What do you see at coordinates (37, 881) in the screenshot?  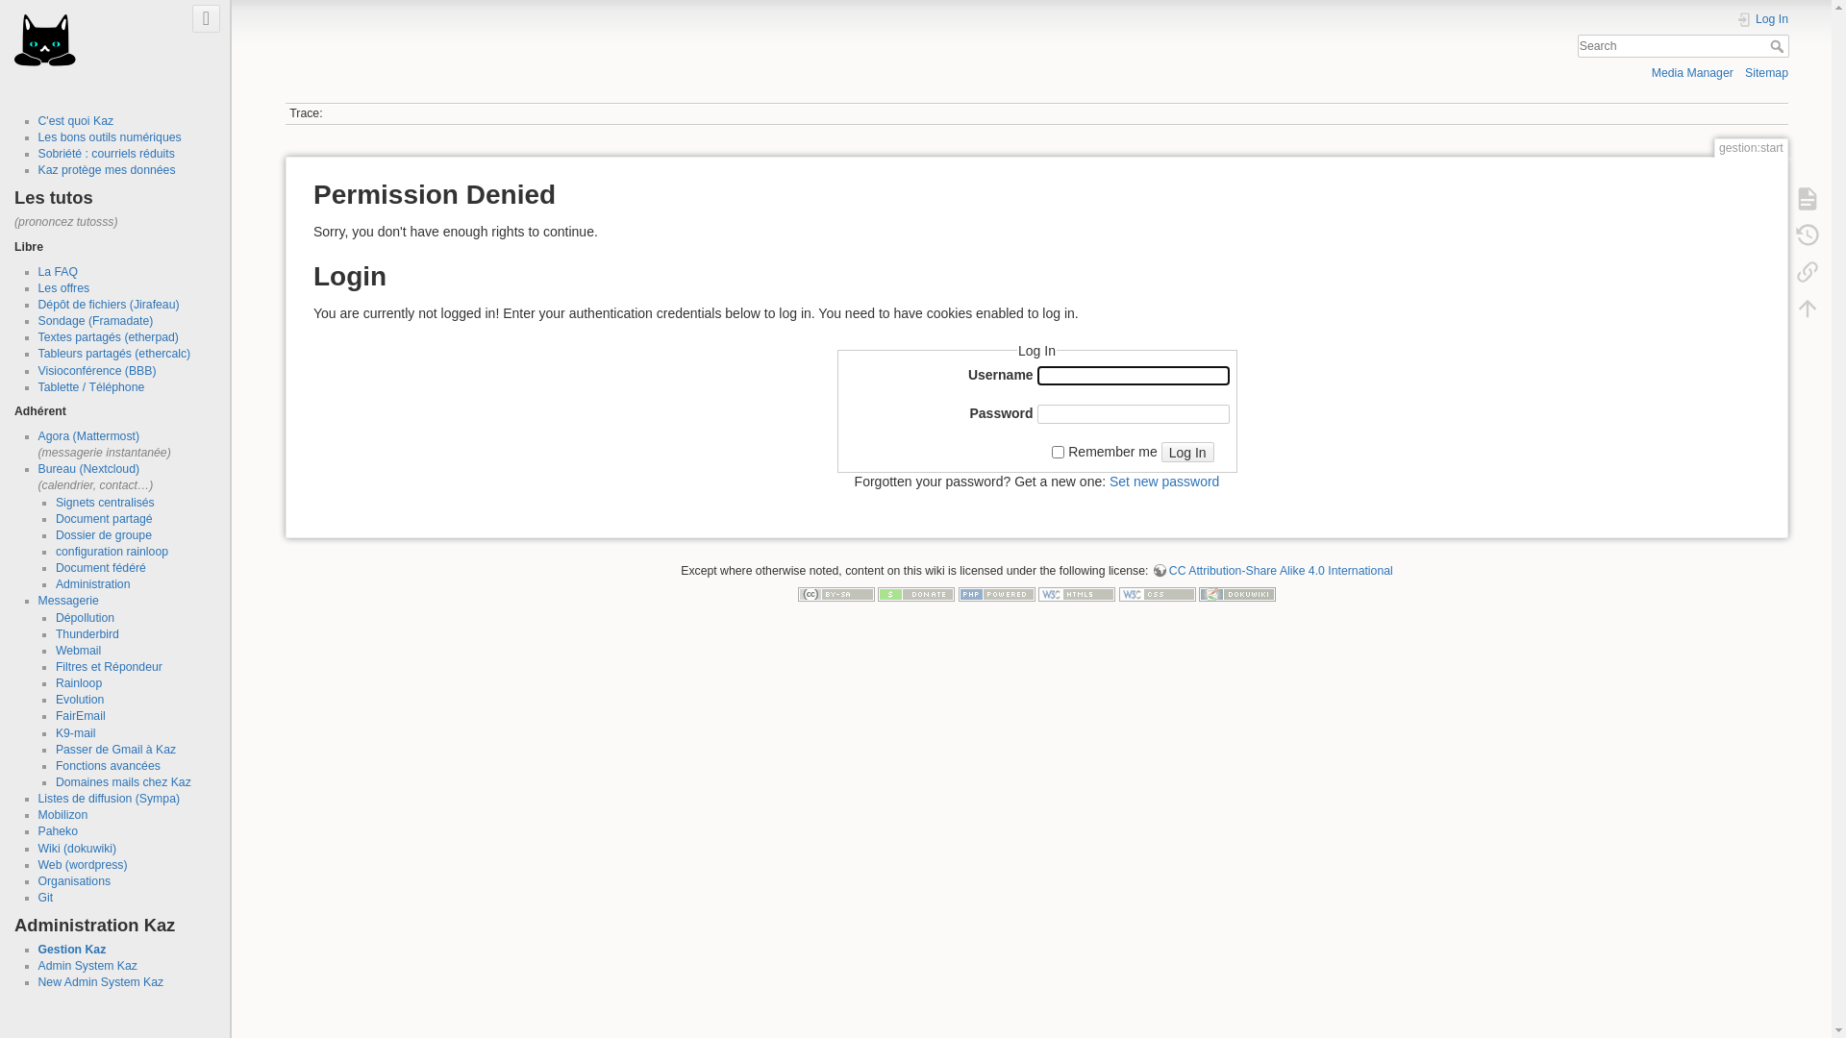 I see `'Organisations'` at bounding box center [37, 881].